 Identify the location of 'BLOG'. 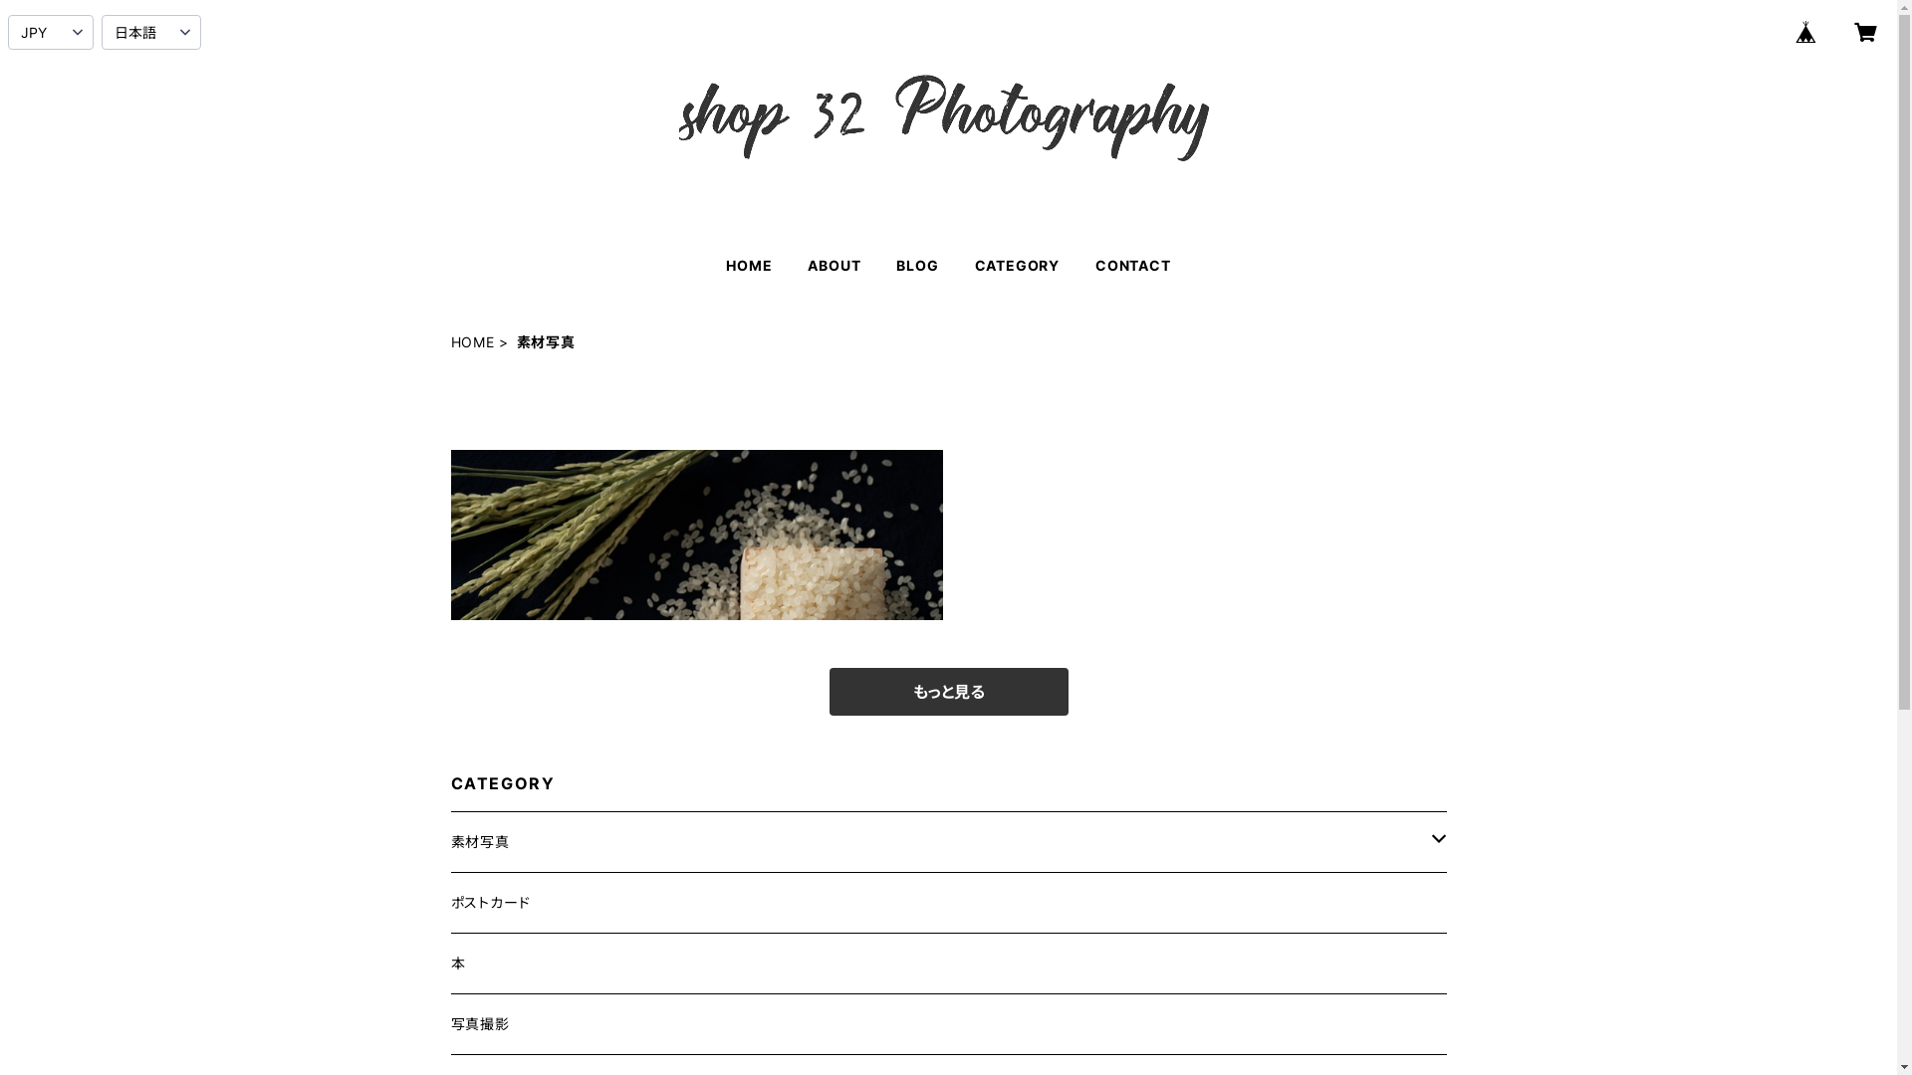
(916, 264).